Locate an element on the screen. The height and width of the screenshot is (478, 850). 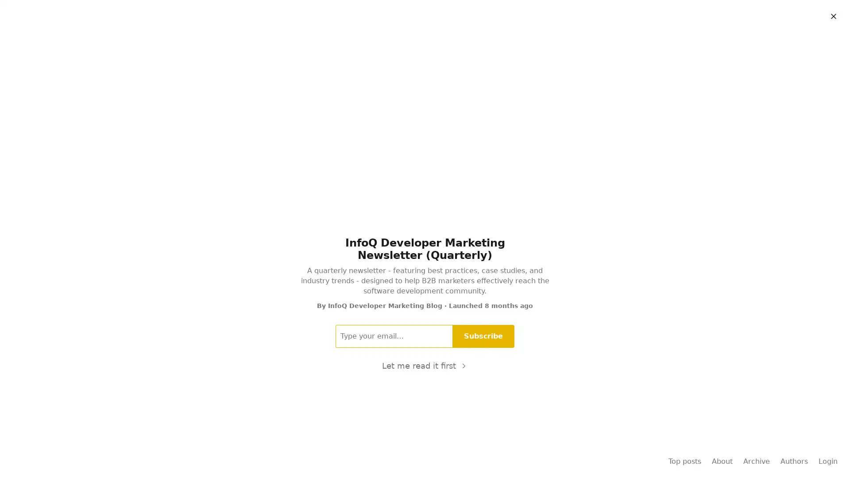
Subscribe is located at coordinates (778, 14).